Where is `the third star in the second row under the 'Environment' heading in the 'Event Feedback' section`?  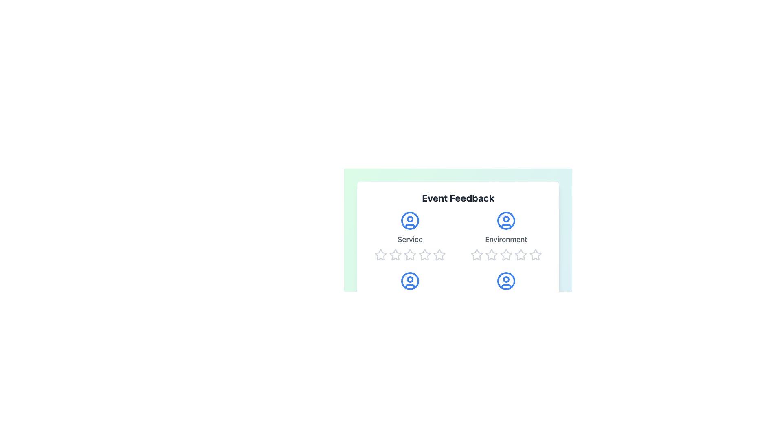 the third star in the second row under the 'Environment' heading in the 'Event Feedback' section is located at coordinates (506, 254).